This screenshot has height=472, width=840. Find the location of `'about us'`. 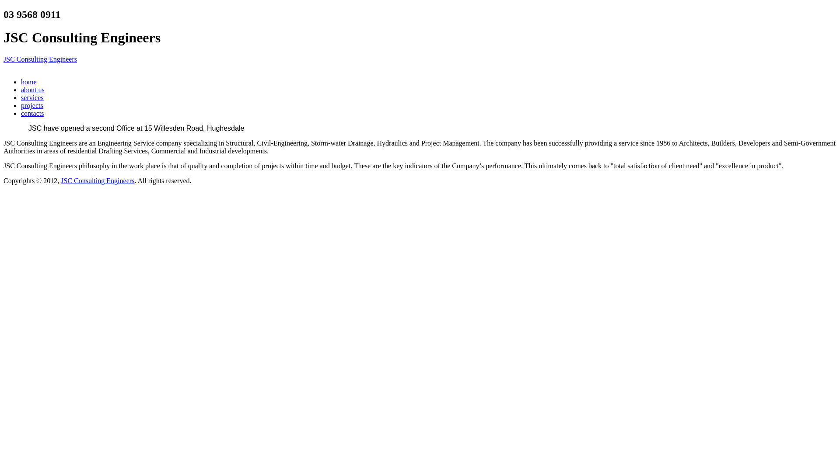

'about us' is located at coordinates (33, 90).